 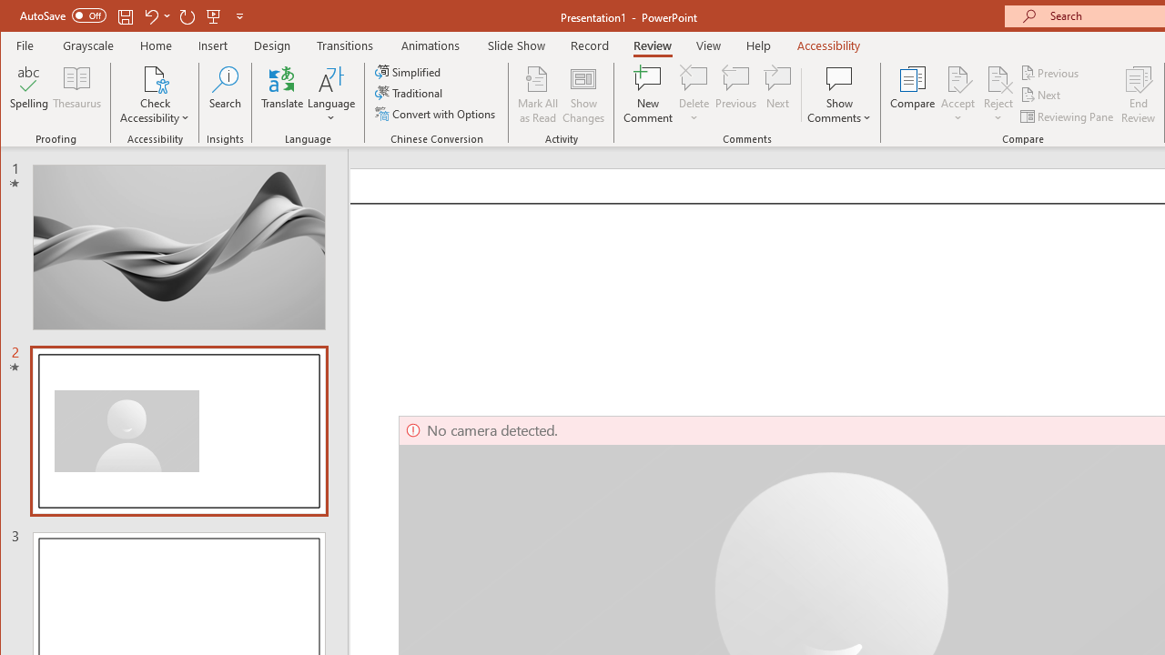 I want to click on 'Compare', so click(x=912, y=95).